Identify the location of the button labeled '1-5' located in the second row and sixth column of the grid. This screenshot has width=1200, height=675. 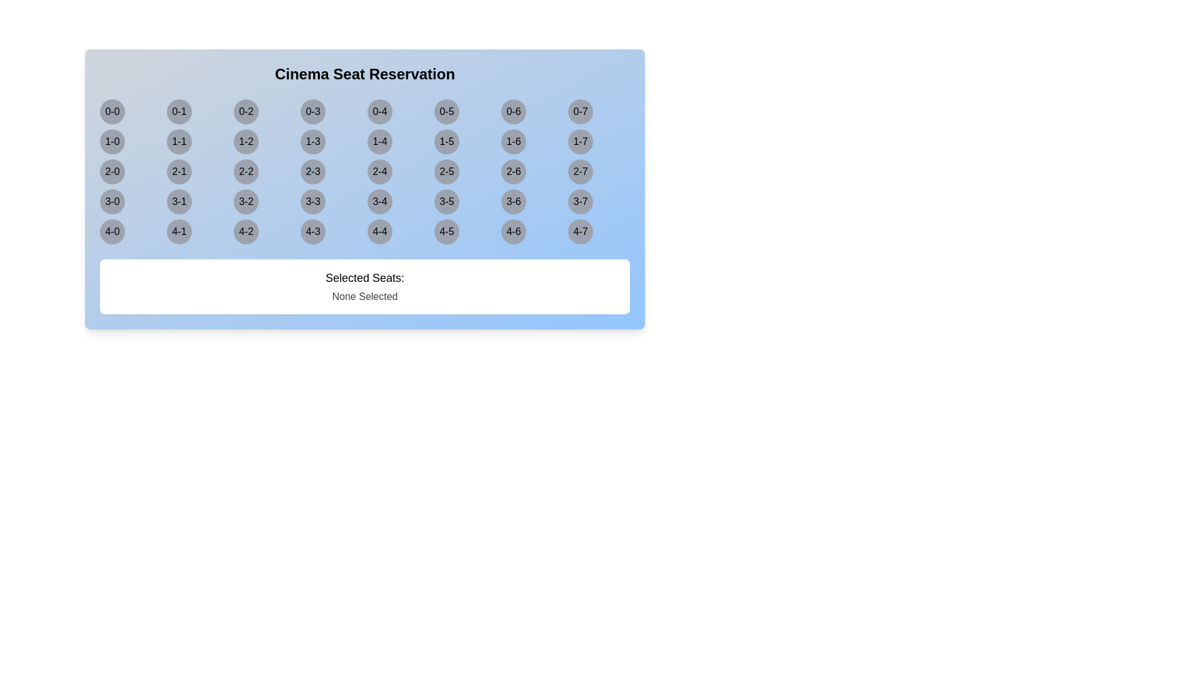
(447, 141).